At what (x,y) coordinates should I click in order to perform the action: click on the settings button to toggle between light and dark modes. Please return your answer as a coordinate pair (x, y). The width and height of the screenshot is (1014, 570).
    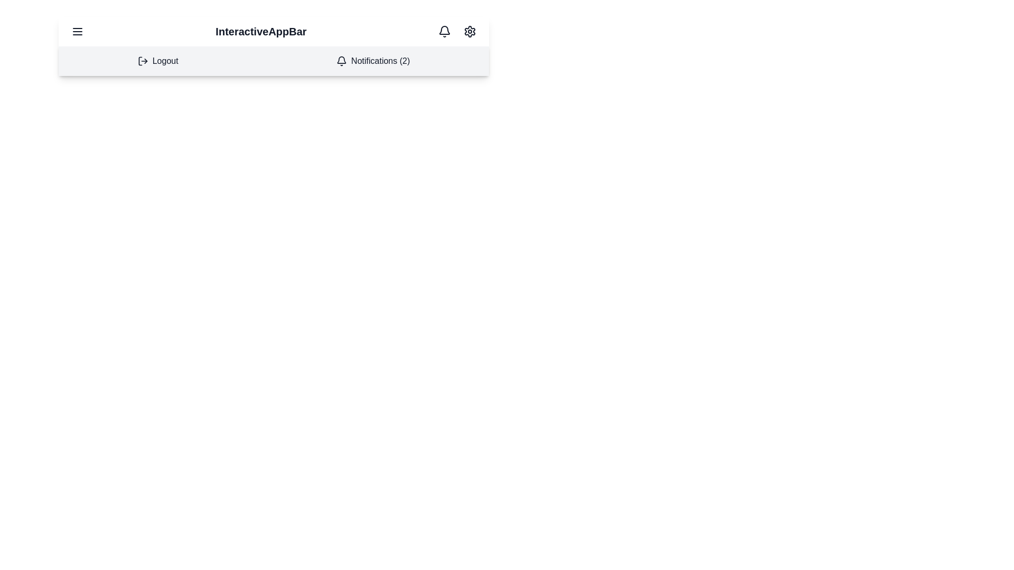
    Looking at the image, I should click on (469, 31).